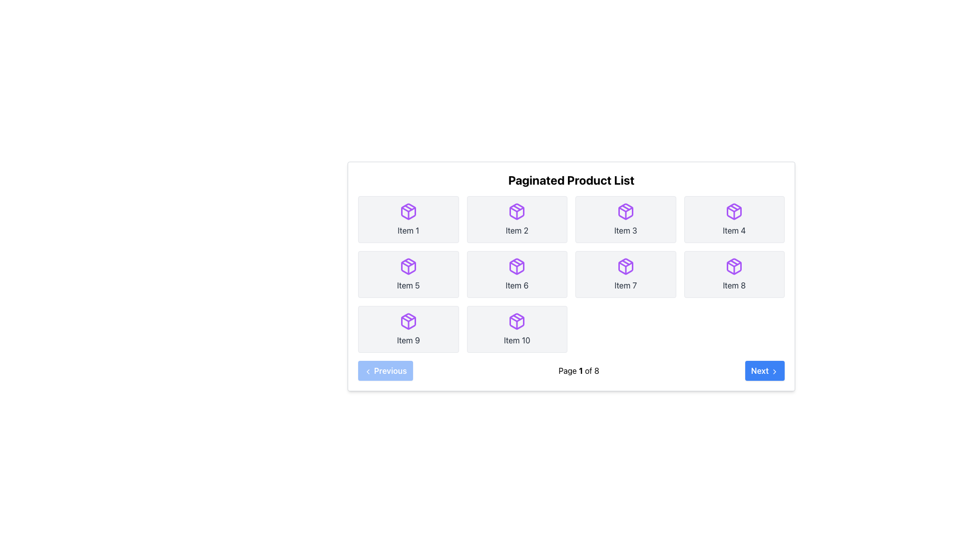  I want to click on the prominent text label reading 'Paginated Product List', which is styled with a large bold font in a gradient color from blue to purple, located at the top of the section displaying the paginated product list, so click(571, 180).